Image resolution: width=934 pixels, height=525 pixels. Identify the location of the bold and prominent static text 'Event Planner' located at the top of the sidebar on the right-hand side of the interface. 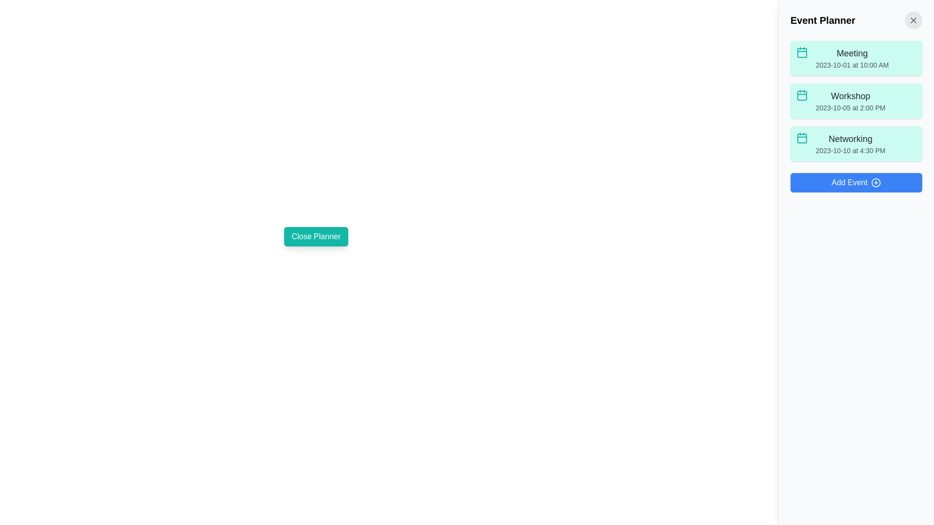
(822, 20).